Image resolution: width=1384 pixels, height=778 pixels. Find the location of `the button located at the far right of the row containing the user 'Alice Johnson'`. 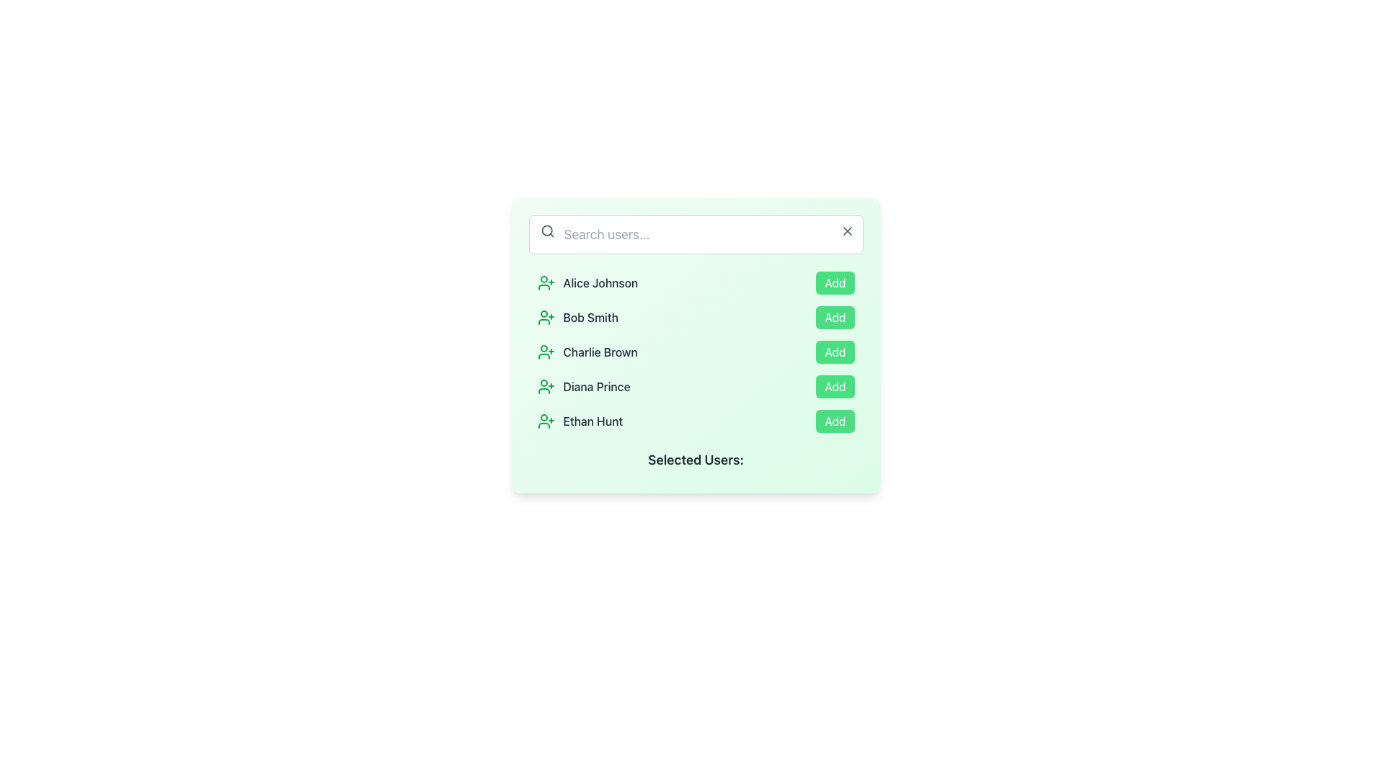

the button located at the far right of the row containing the user 'Alice Johnson' is located at coordinates (835, 283).